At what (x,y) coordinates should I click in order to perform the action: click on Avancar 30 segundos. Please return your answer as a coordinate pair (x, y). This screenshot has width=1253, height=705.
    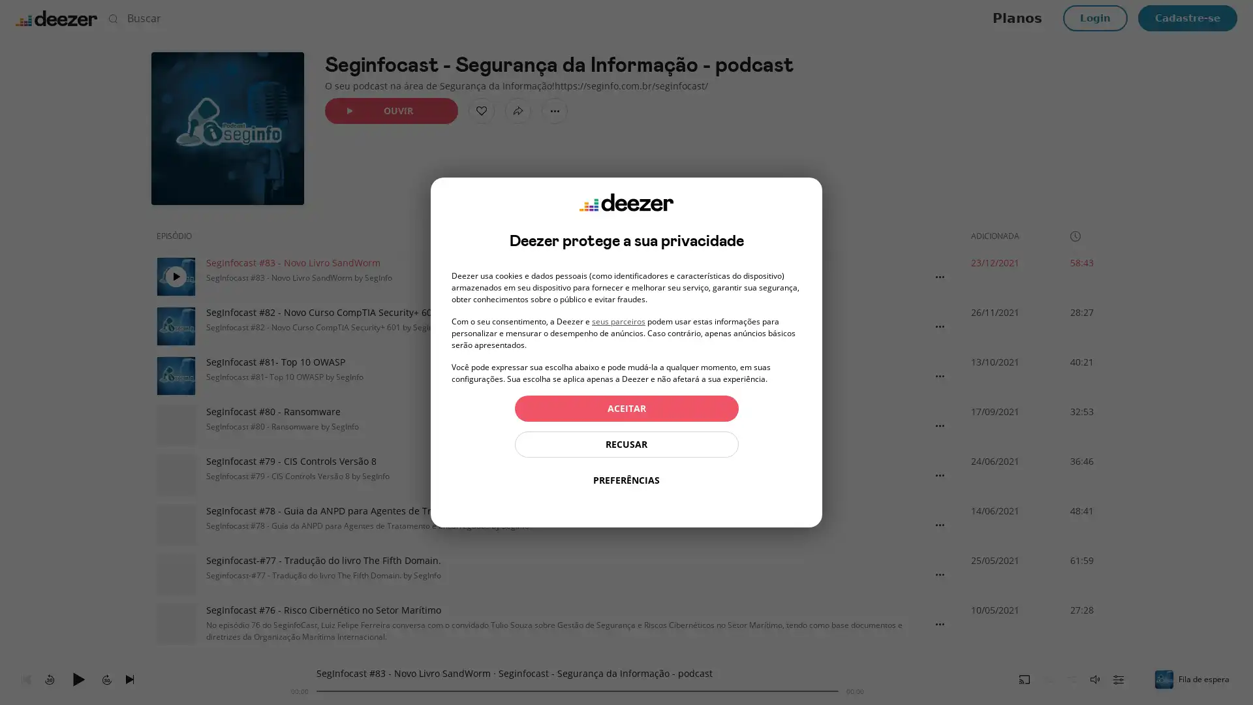
    Looking at the image, I should click on (106, 678).